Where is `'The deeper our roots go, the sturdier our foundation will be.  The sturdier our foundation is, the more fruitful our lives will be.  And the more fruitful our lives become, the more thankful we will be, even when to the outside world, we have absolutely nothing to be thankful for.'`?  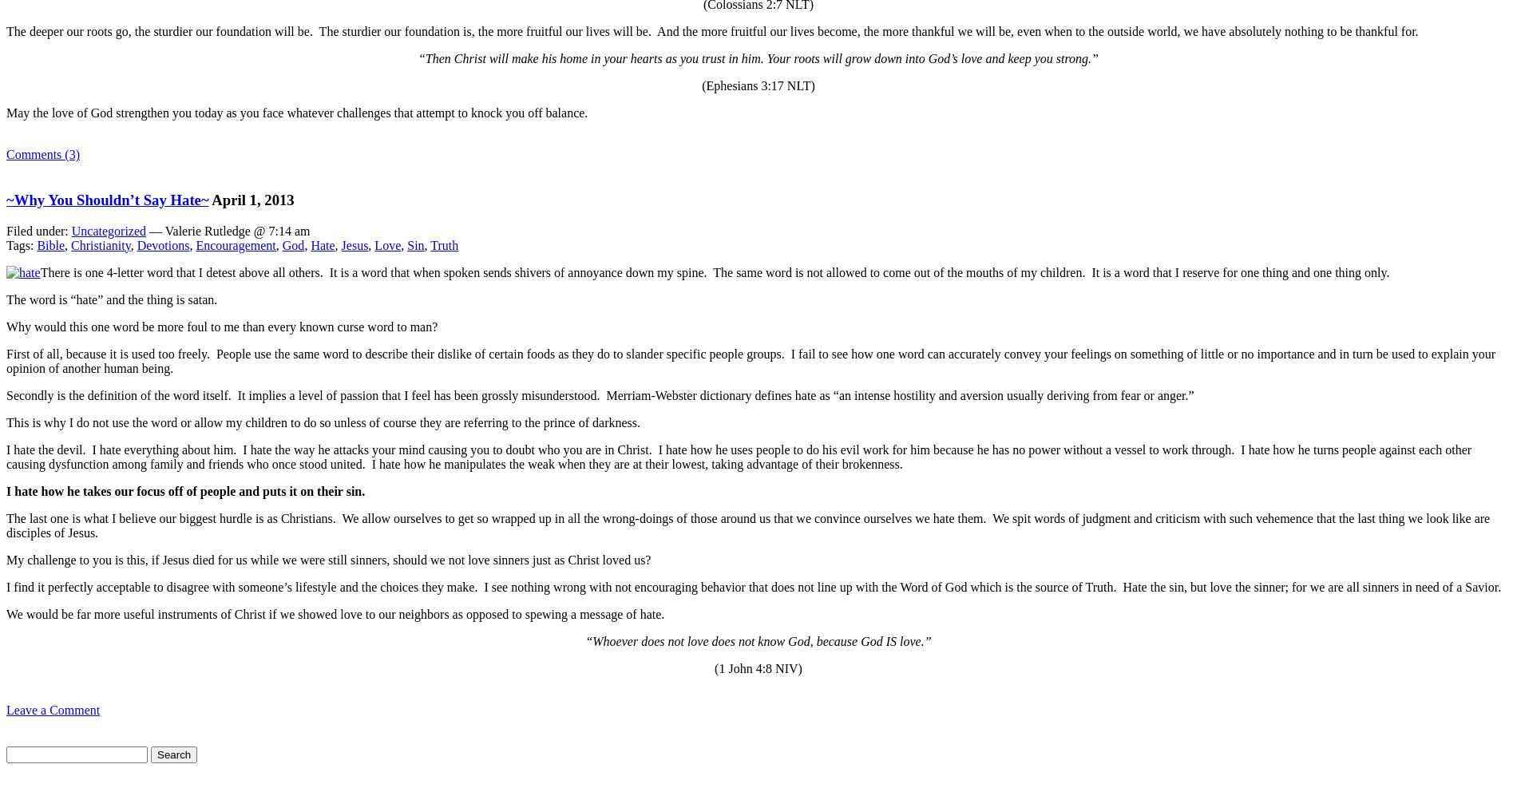 'The deeper our roots go, the sturdier our foundation will be.  The sturdier our foundation is, the more fruitful our lives will be.  And the more fruitful our lives become, the more thankful we will be, even when to the outside world, we have absolutely nothing to be thankful for.' is located at coordinates (6, 30).